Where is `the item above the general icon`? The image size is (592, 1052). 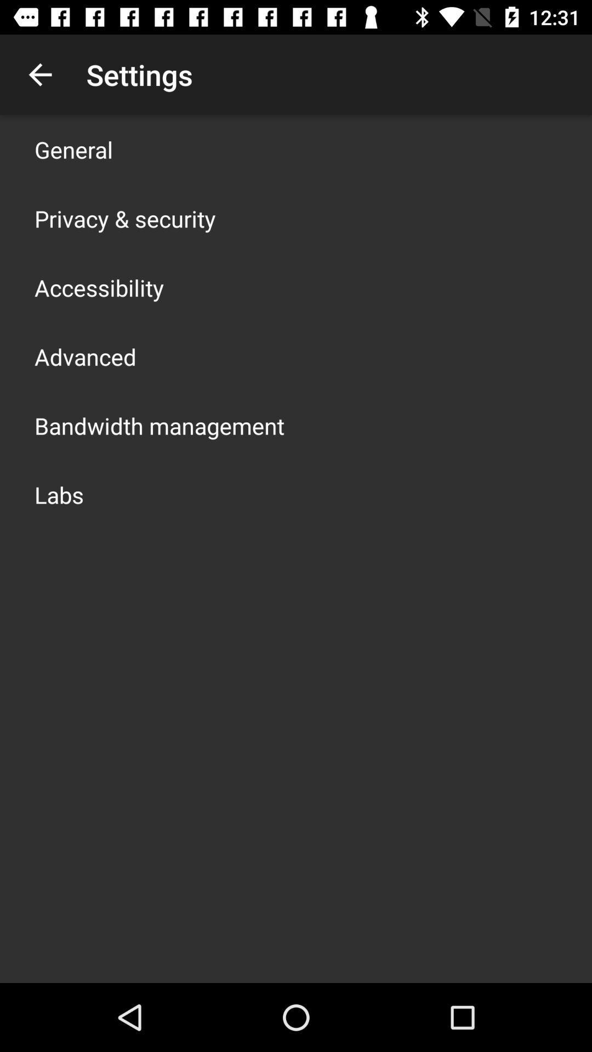 the item above the general icon is located at coordinates (39, 74).